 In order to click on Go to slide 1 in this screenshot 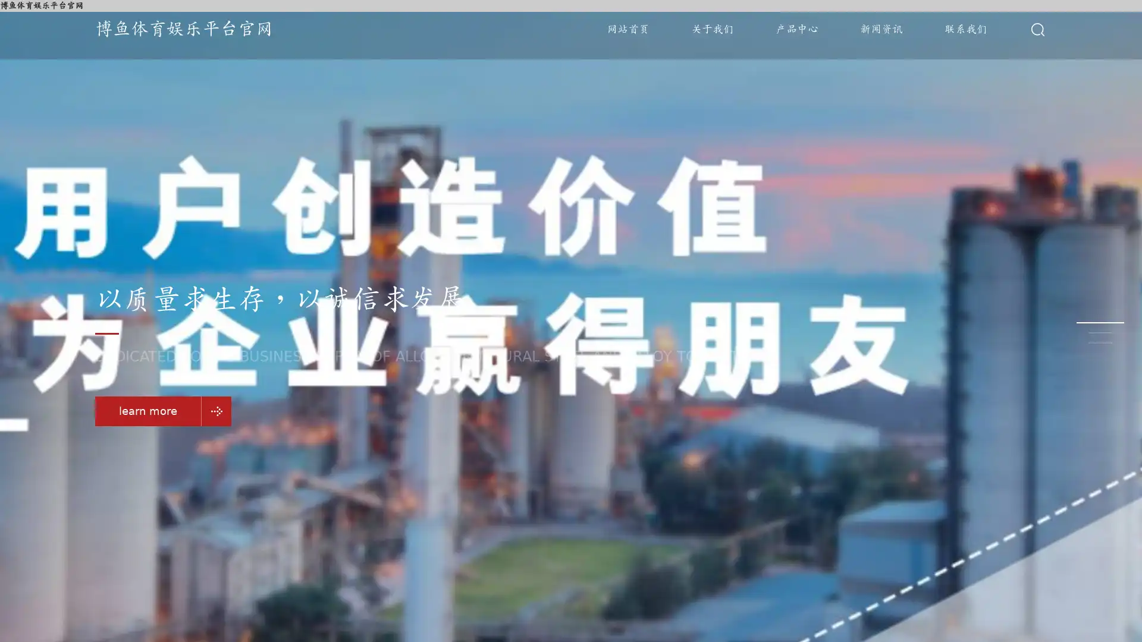, I will do `click(1099, 323)`.